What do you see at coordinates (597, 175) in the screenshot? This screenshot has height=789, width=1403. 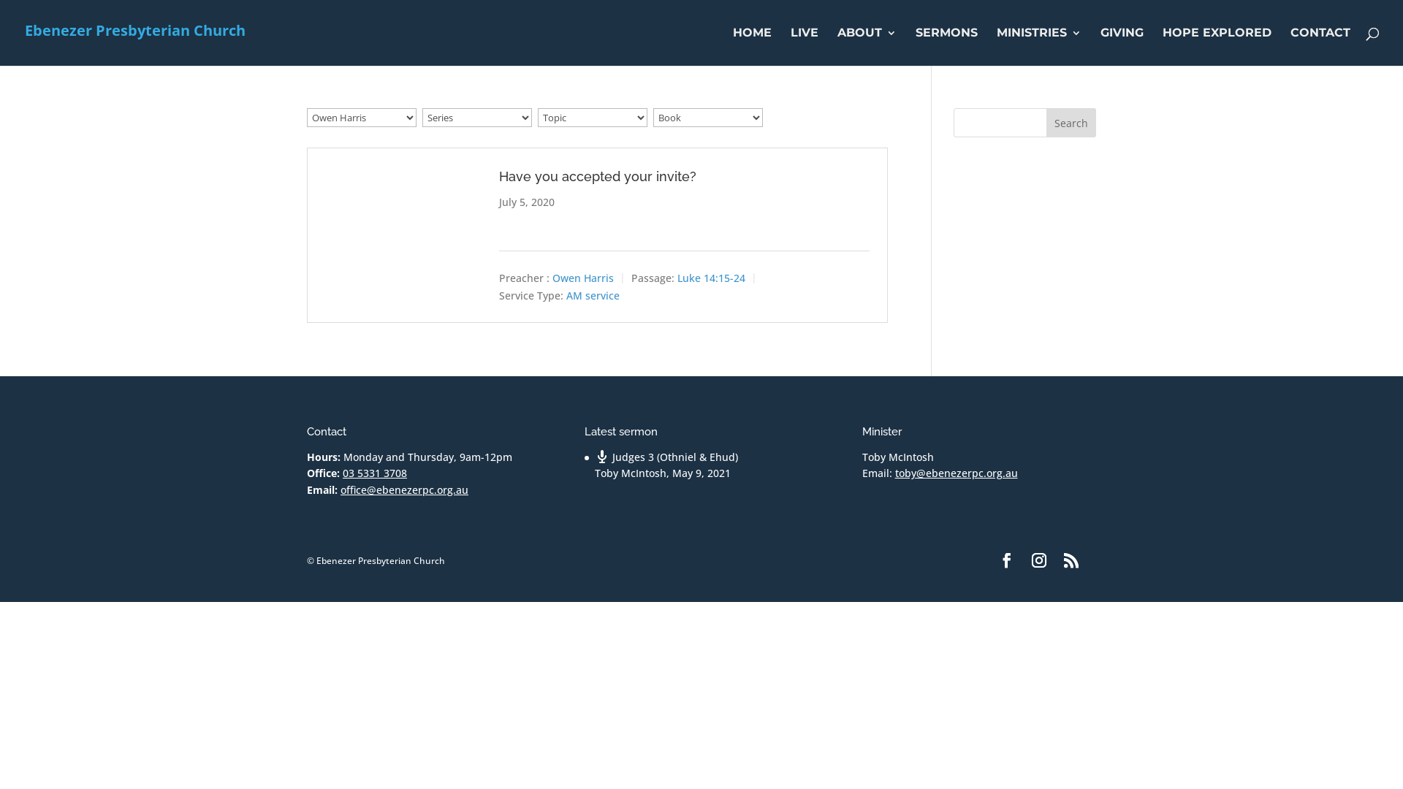 I see `'Have you accepted your invite?'` at bounding box center [597, 175].